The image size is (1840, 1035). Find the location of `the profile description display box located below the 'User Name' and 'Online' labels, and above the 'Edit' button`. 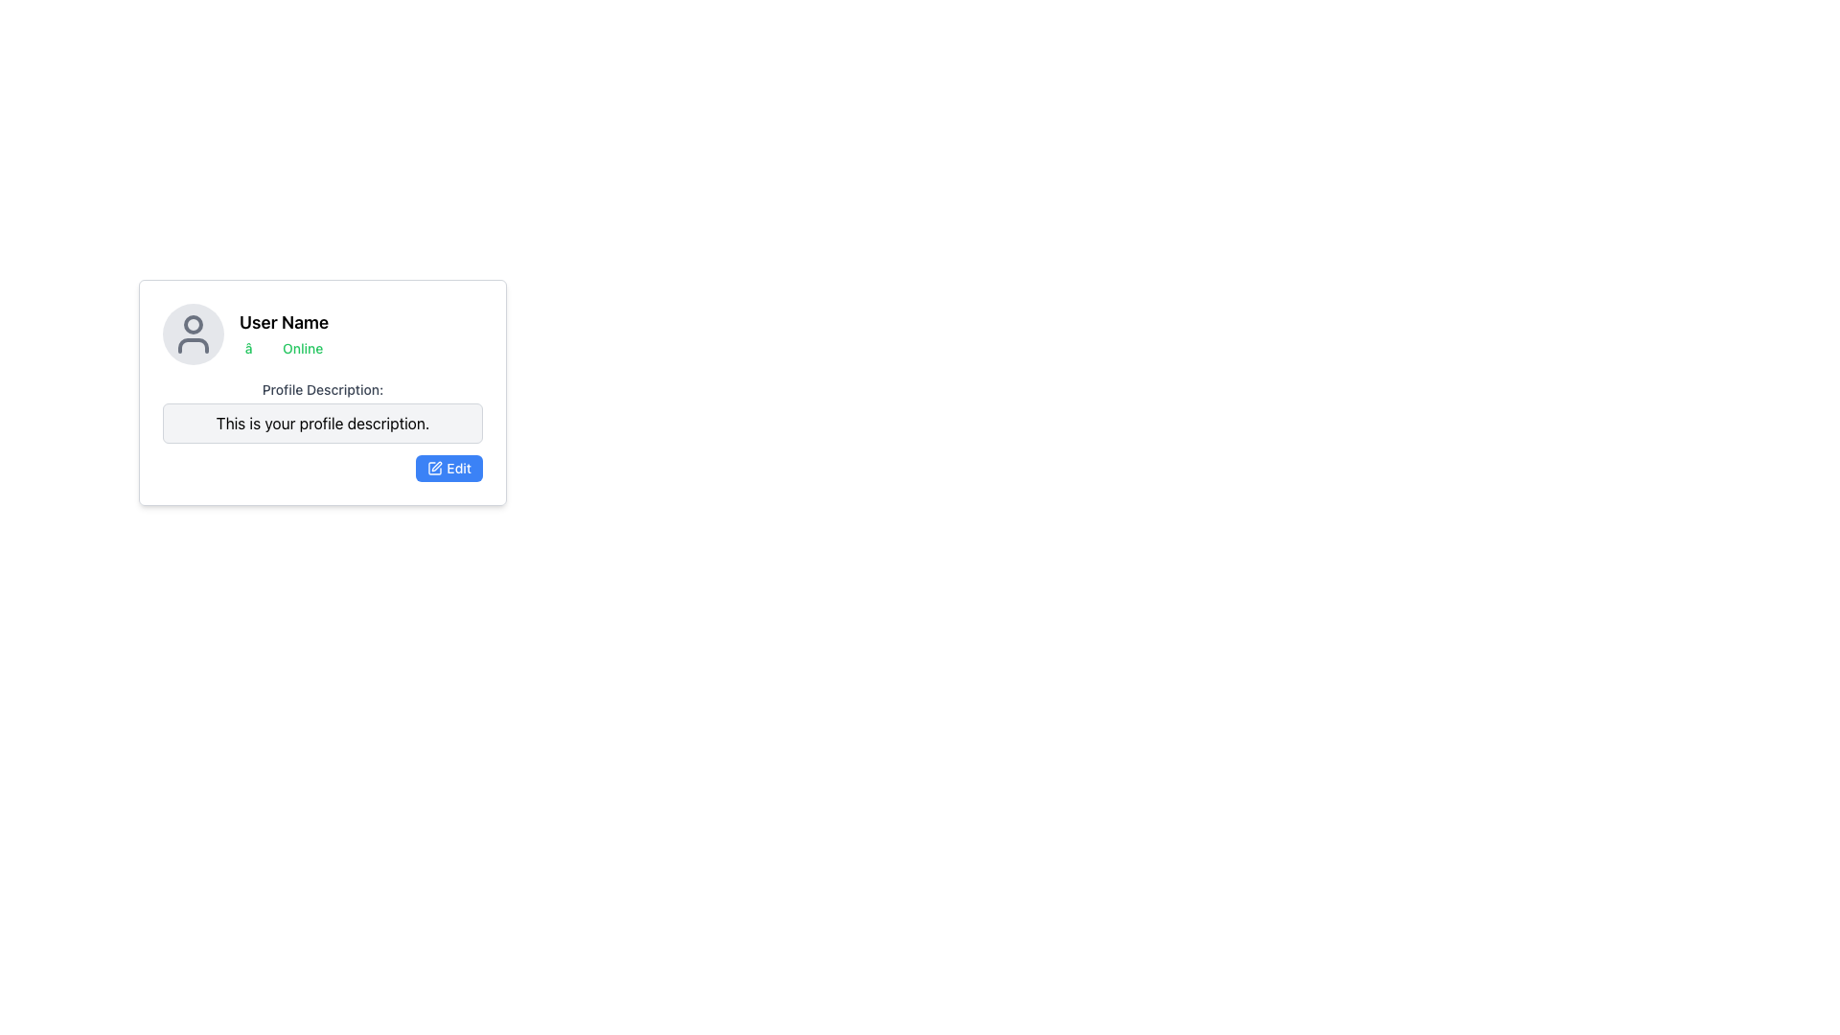

the profile description display box located below the 'User Name' and 'Online' labels, and above the 'Edit' button is located at coordinates (322, 410).